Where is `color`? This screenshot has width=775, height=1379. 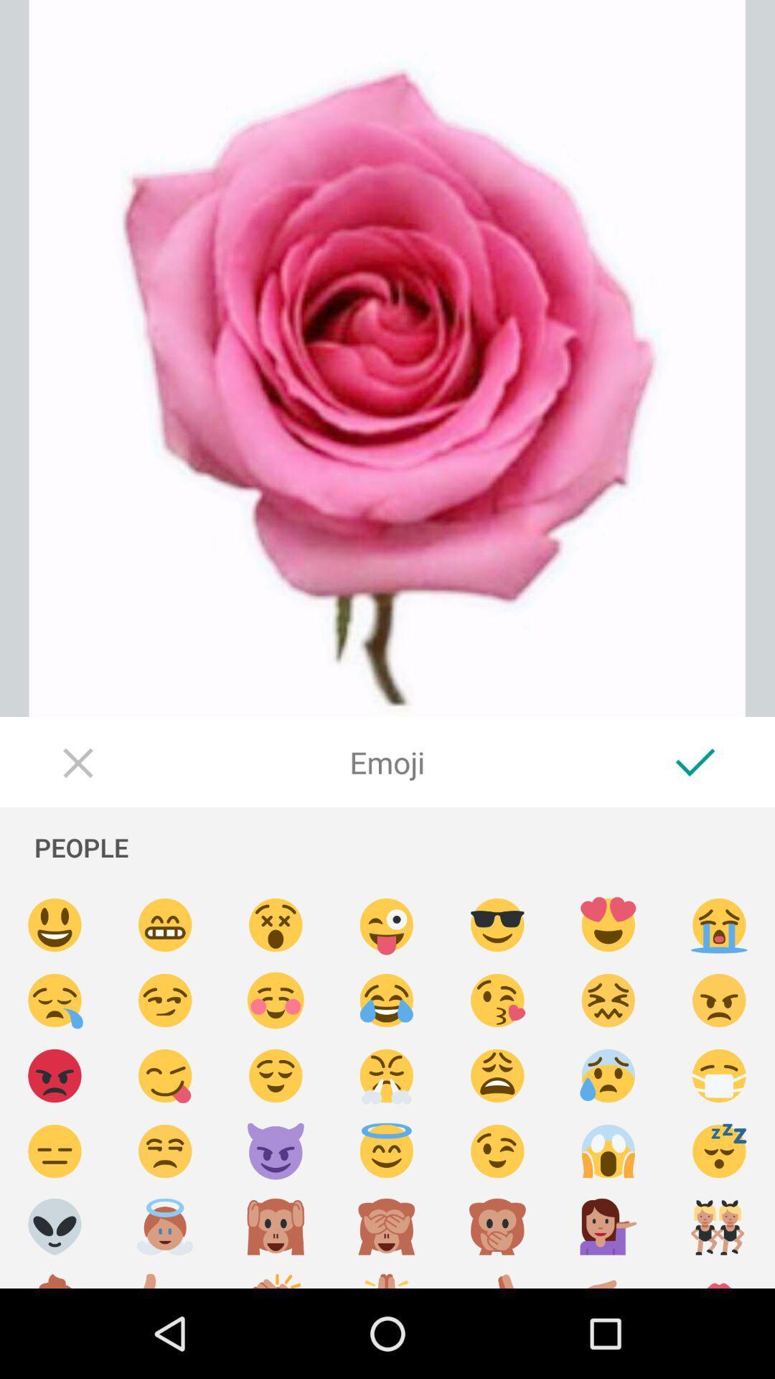 color is located at coordinates (609, 1226).